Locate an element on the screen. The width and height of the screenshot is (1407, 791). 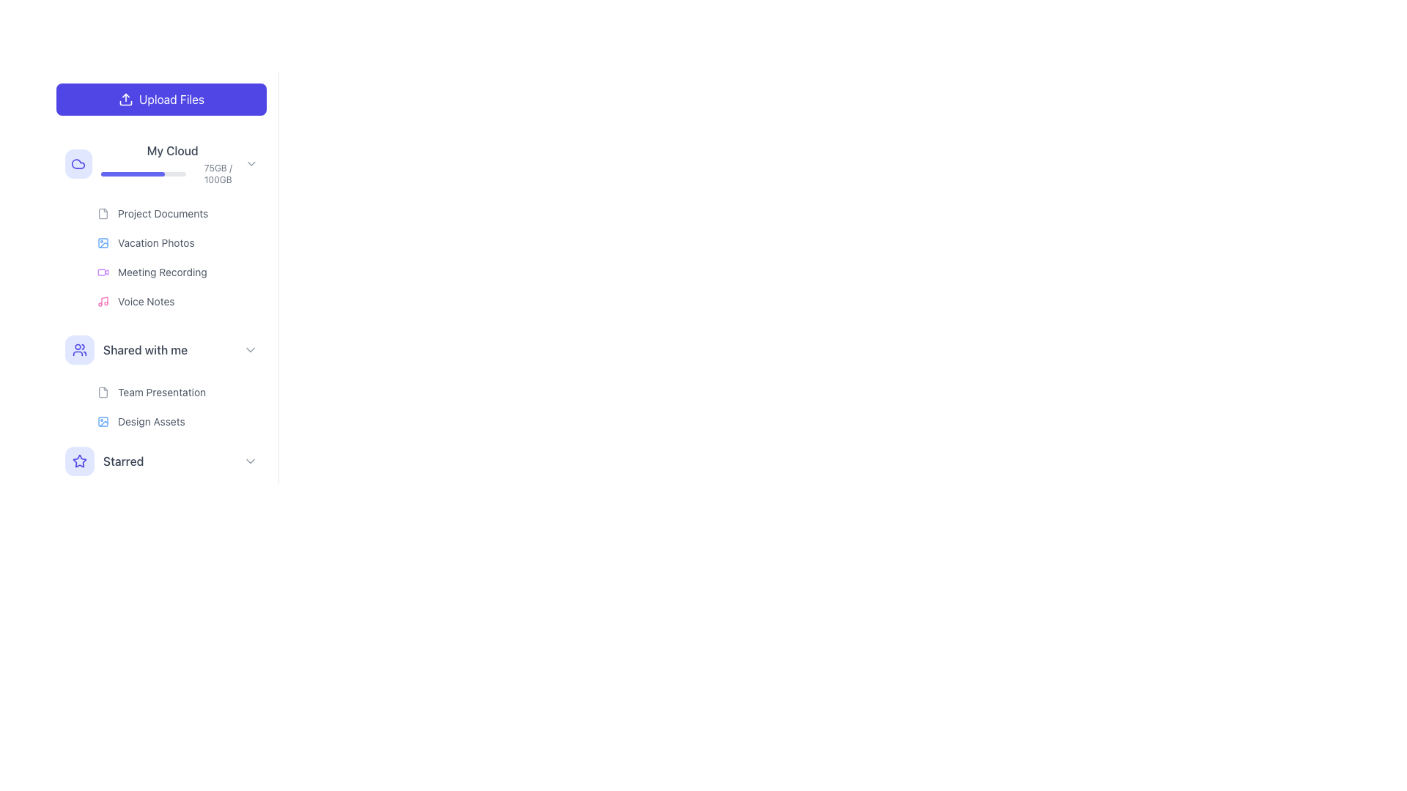
the text label inside the file upload button located on the left side of the interface is located at coordinates (171, 99).